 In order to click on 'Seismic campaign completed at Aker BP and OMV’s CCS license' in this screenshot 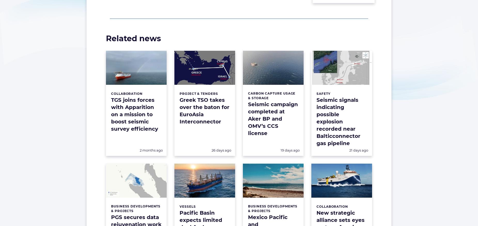, I will do `click(273, 118)`.